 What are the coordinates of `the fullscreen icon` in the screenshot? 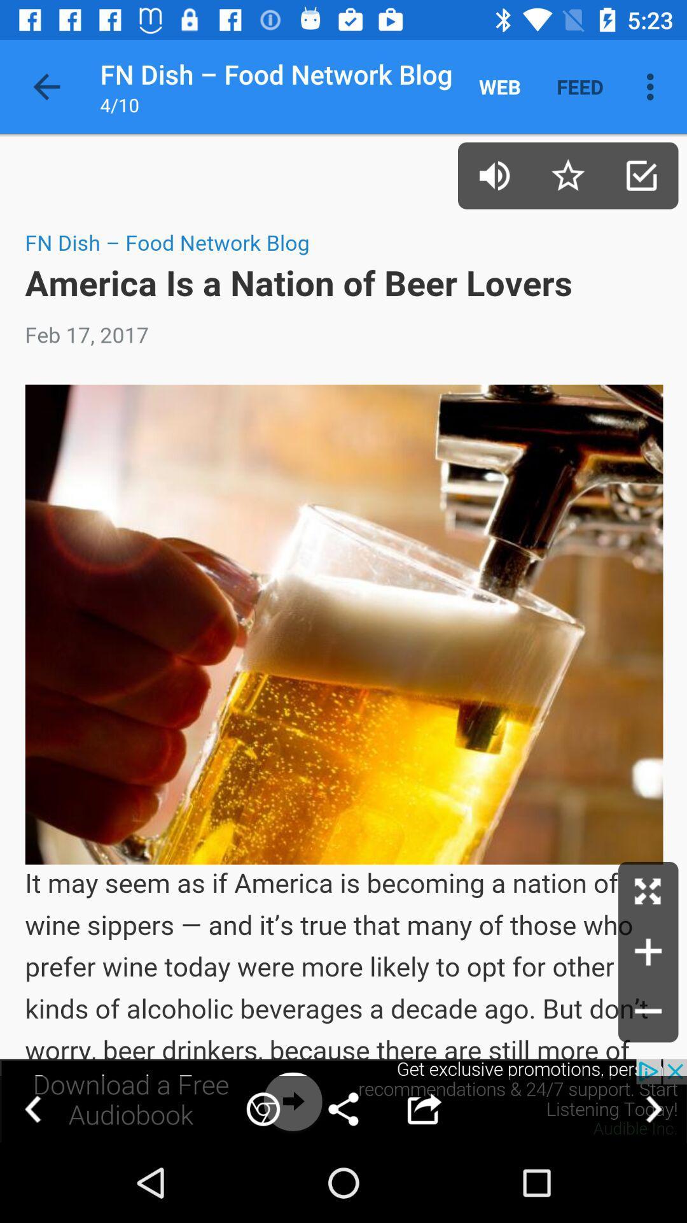 It's located at (648, 891).